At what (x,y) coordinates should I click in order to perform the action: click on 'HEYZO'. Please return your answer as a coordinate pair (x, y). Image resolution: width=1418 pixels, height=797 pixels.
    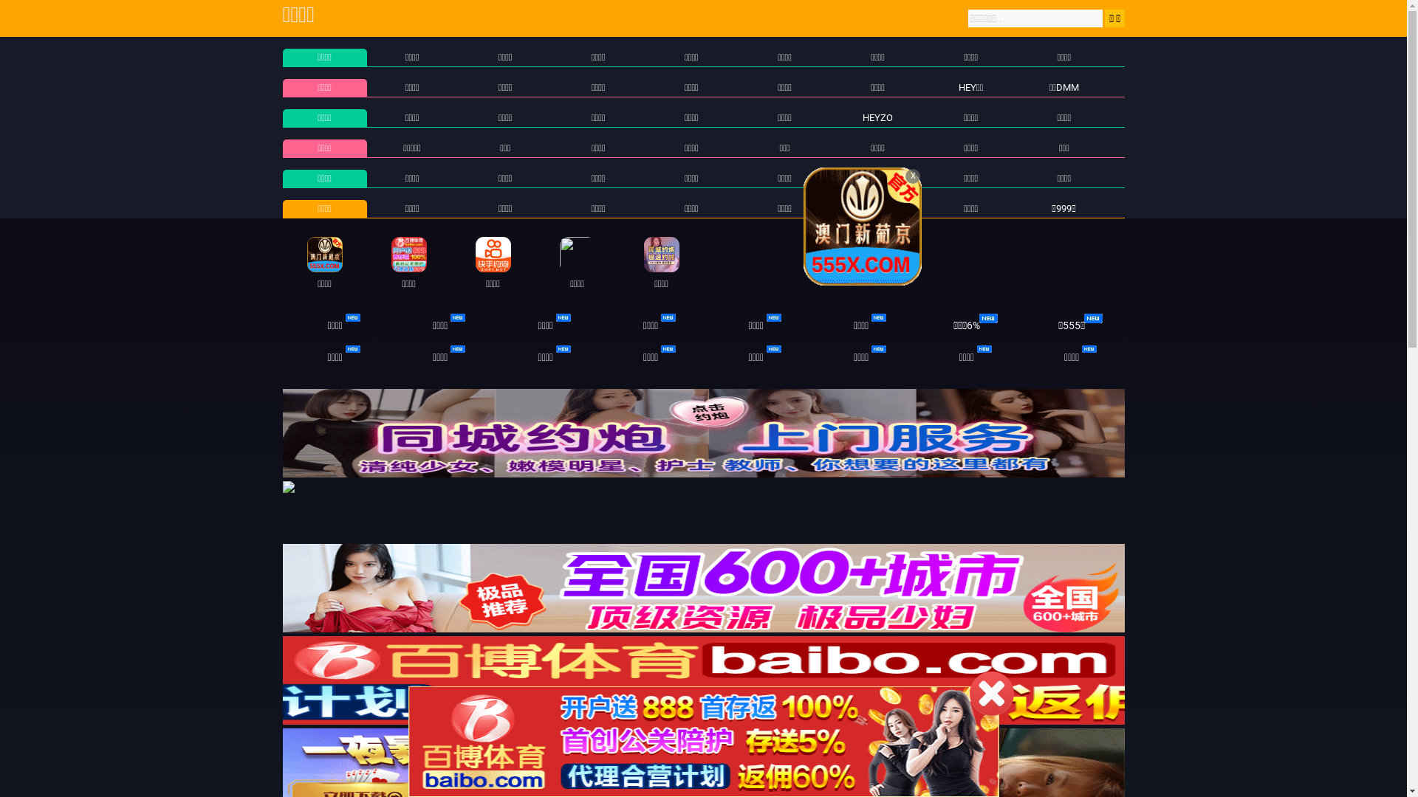
    Looking at the image, I should click on (877, 117).